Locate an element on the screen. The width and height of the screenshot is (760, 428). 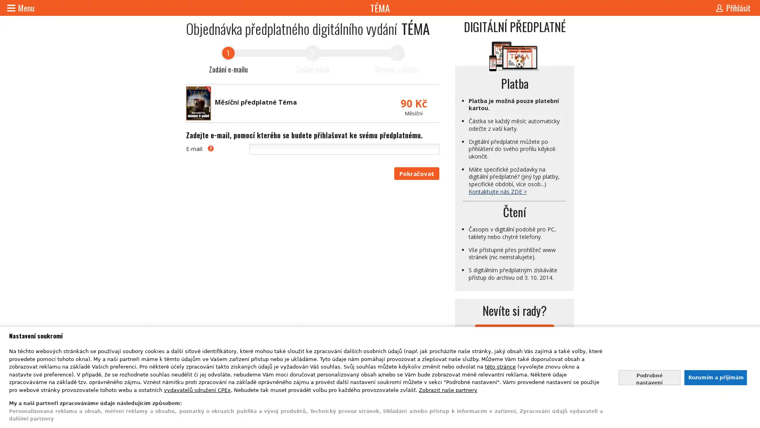
Zobrazit nase partnery is located at coordinates (448, 389).